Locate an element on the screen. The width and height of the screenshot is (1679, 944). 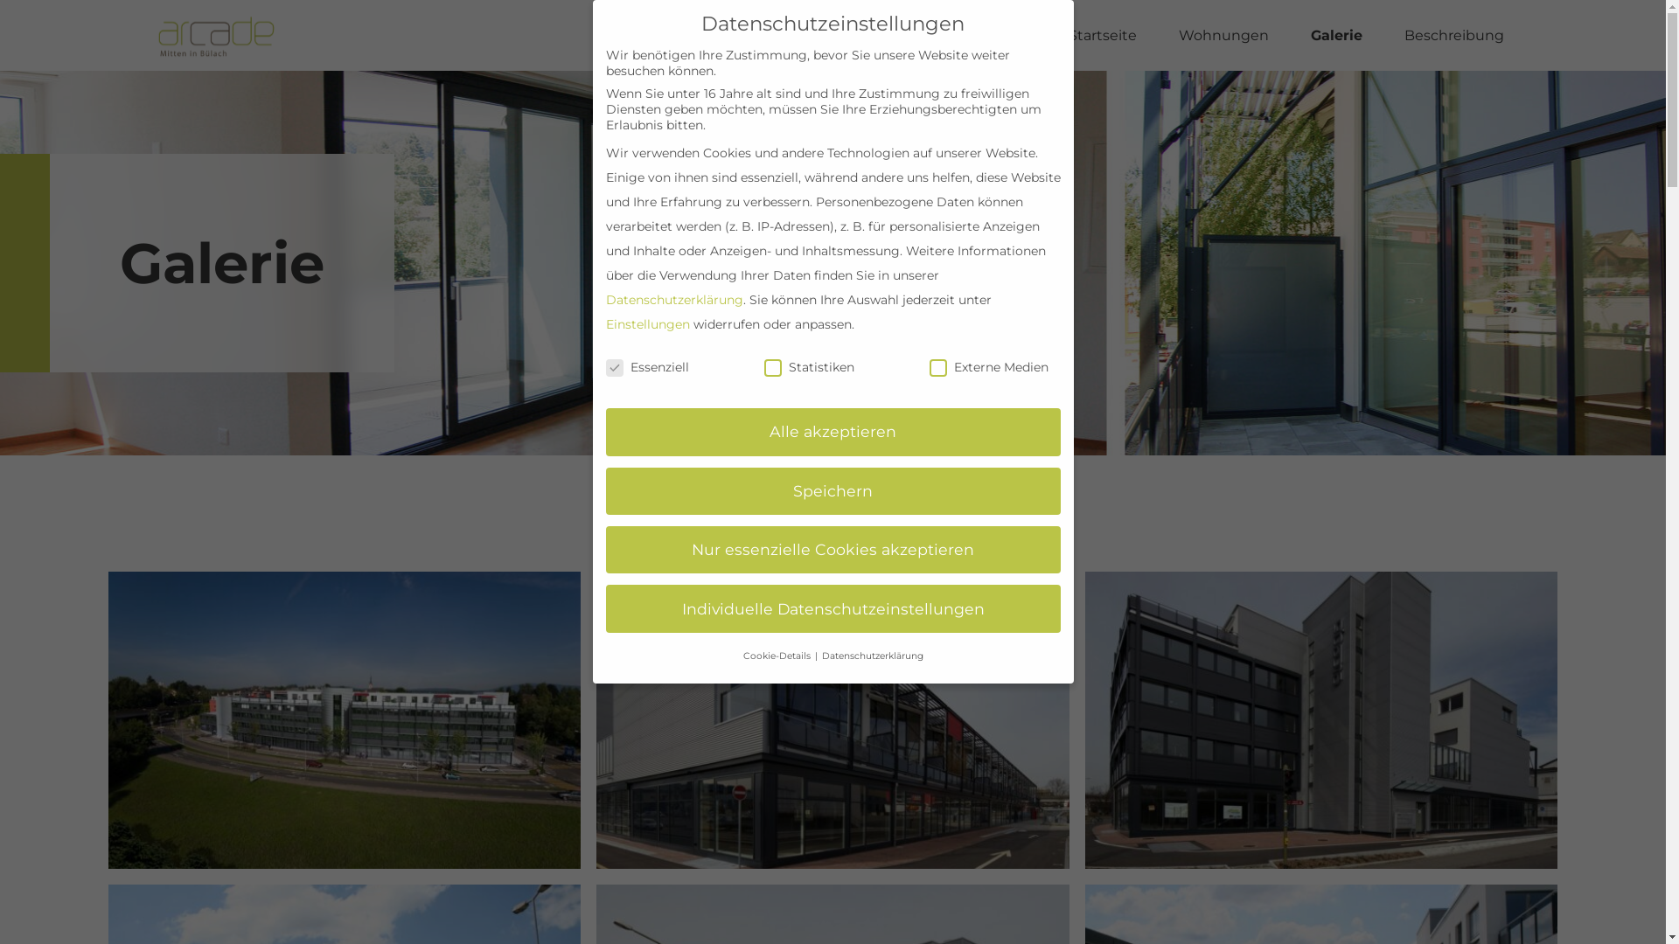
'Beschreibung' is located at coordinates (1453, 36).